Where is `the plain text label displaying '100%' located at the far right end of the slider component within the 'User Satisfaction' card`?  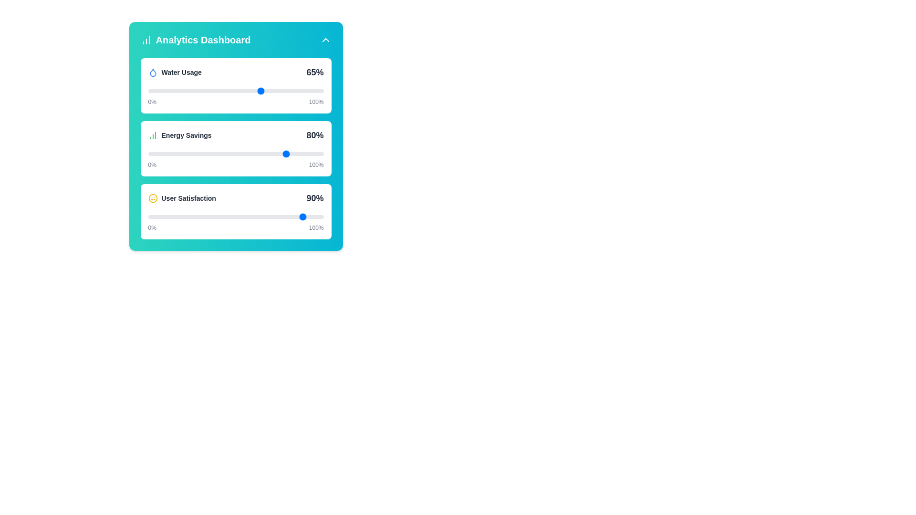 the plain text label displaying '100%' located at the far right end of the slider component within the 'User Satisfaction' card is located at coordinates (316, 228).